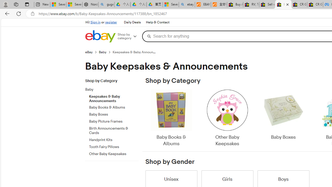 Image resolution: width=332 pixels, height=187 pixels. What do you see at coordinates (113, 140) in the screenshot?
I see `'Handprint Kits'` at bounding box center [113, 140].